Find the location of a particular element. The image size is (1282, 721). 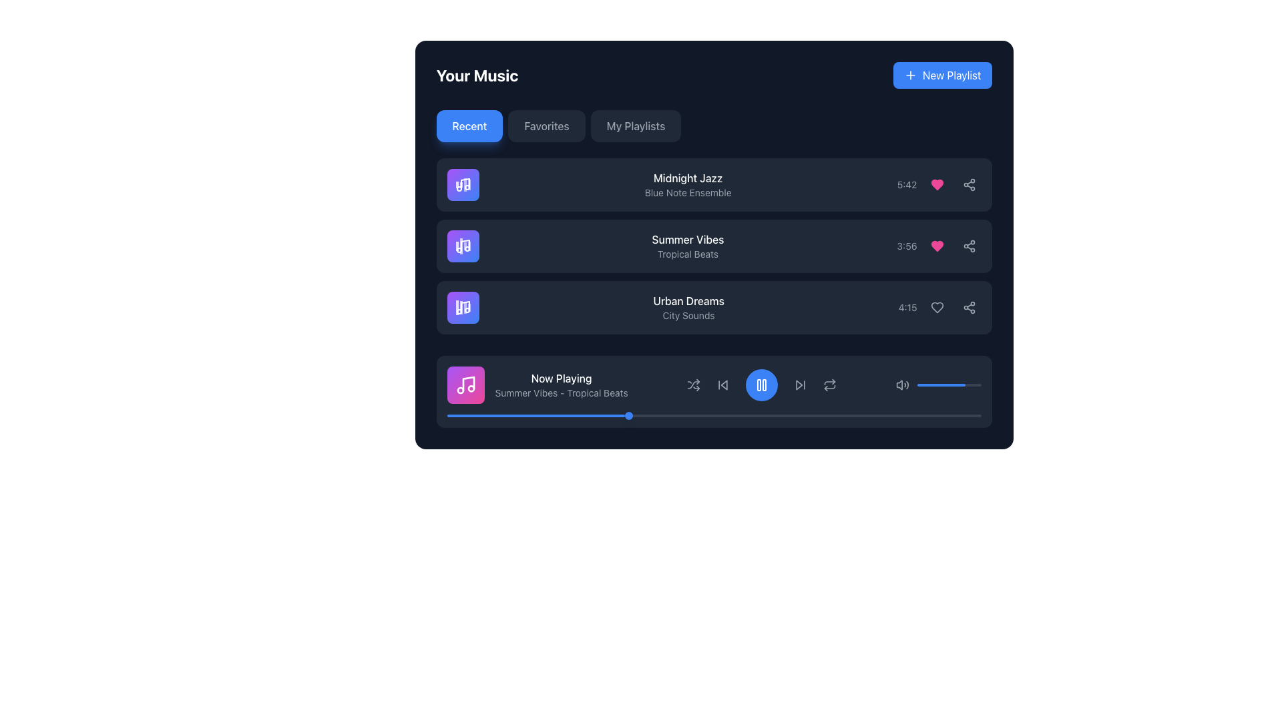

the heart icon button located in the first row of the playlist list, positioned towards the right-hand side just before the share icon is located at coordinates (936, 185).